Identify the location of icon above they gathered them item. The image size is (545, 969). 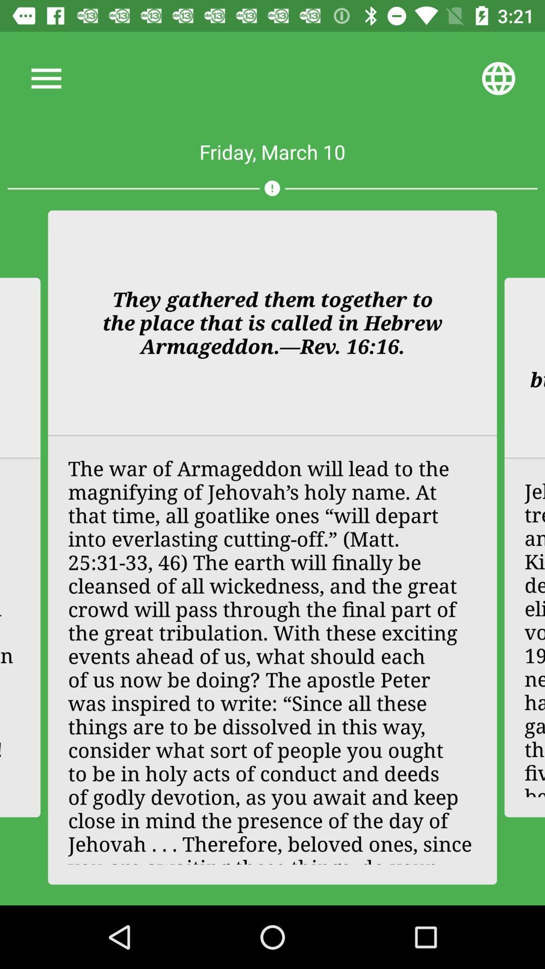
(271, 188).